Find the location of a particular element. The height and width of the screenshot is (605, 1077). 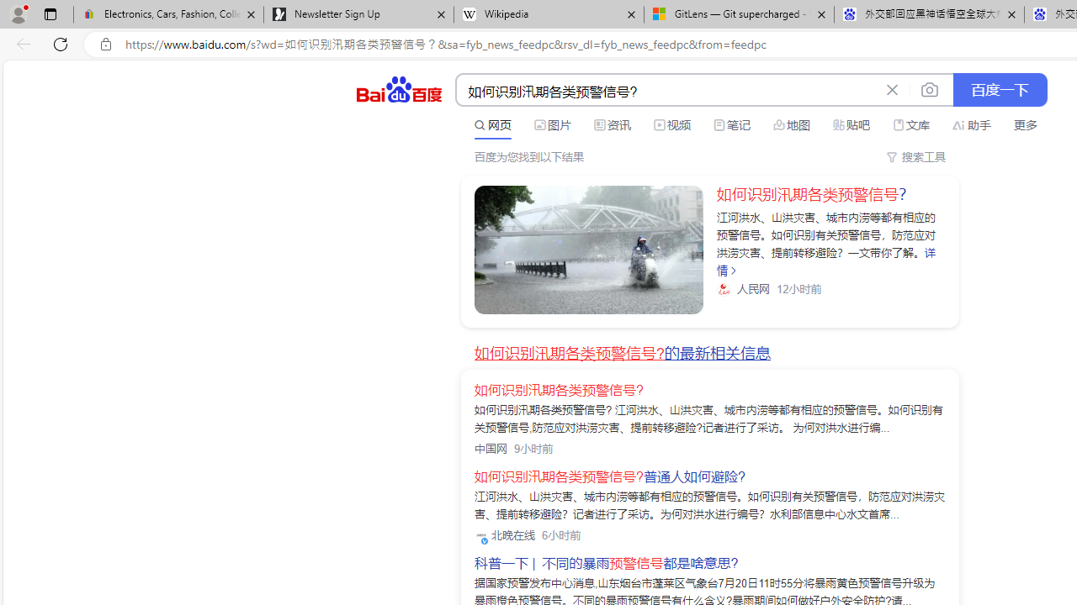

'Wikipedia' is located at coordinates (549, 14).